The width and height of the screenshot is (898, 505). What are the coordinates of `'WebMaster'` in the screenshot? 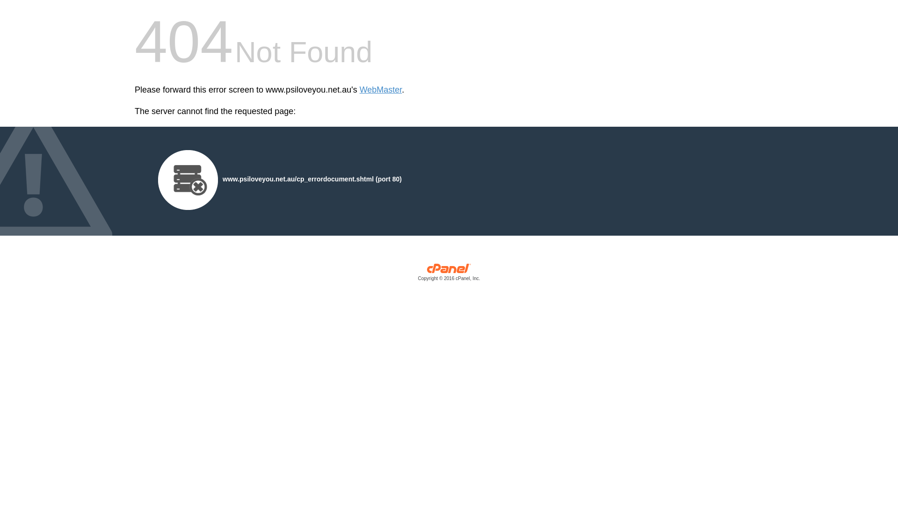 It's located at (381, 90).